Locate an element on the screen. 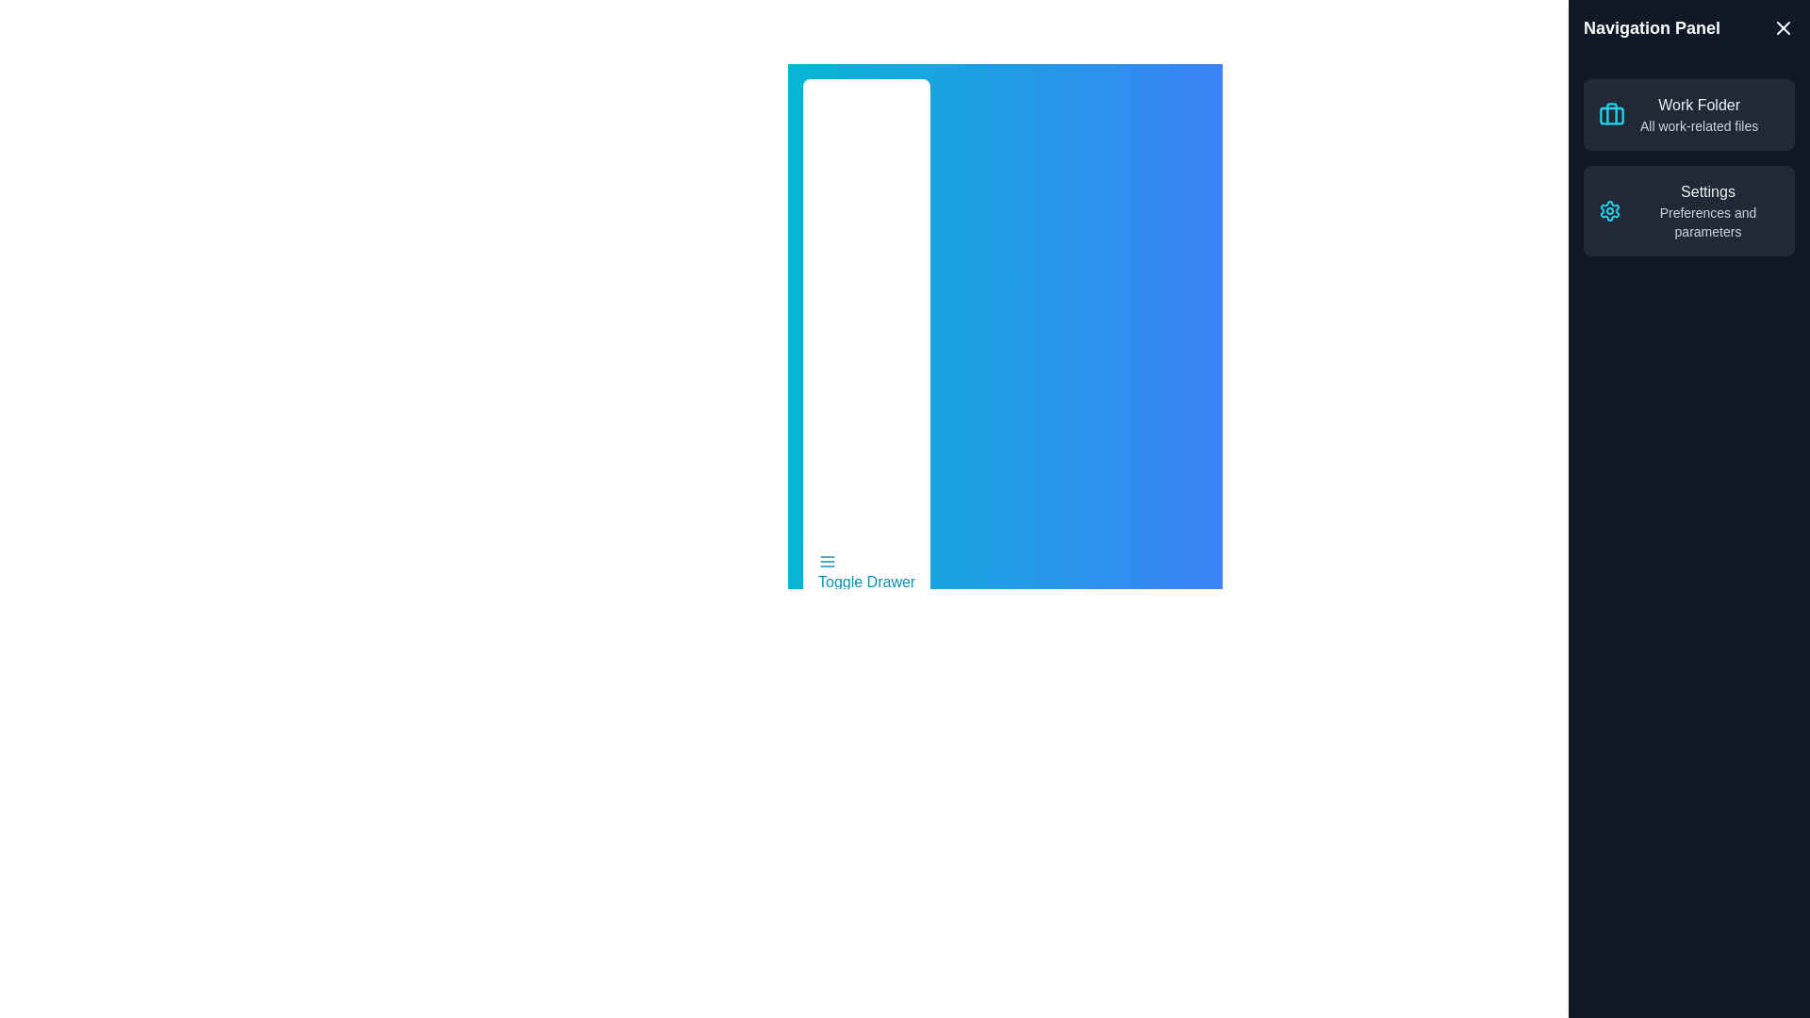  the items in the drawer to see the hover effect on Settings is located at coordinates (1707, 210).